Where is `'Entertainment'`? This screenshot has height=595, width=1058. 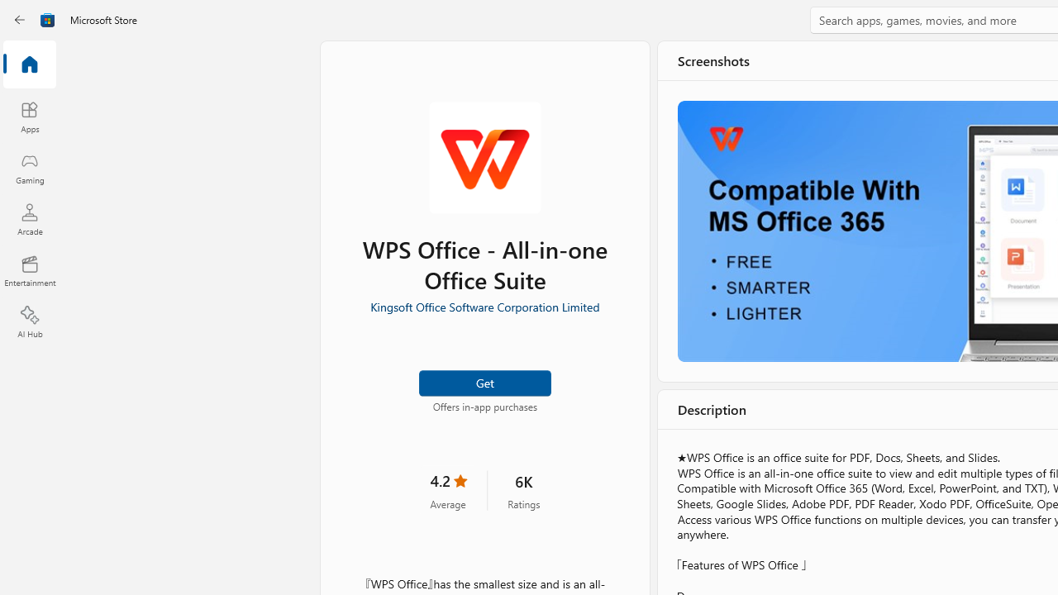
'Entertainment' is located at coordinates (29, 269).